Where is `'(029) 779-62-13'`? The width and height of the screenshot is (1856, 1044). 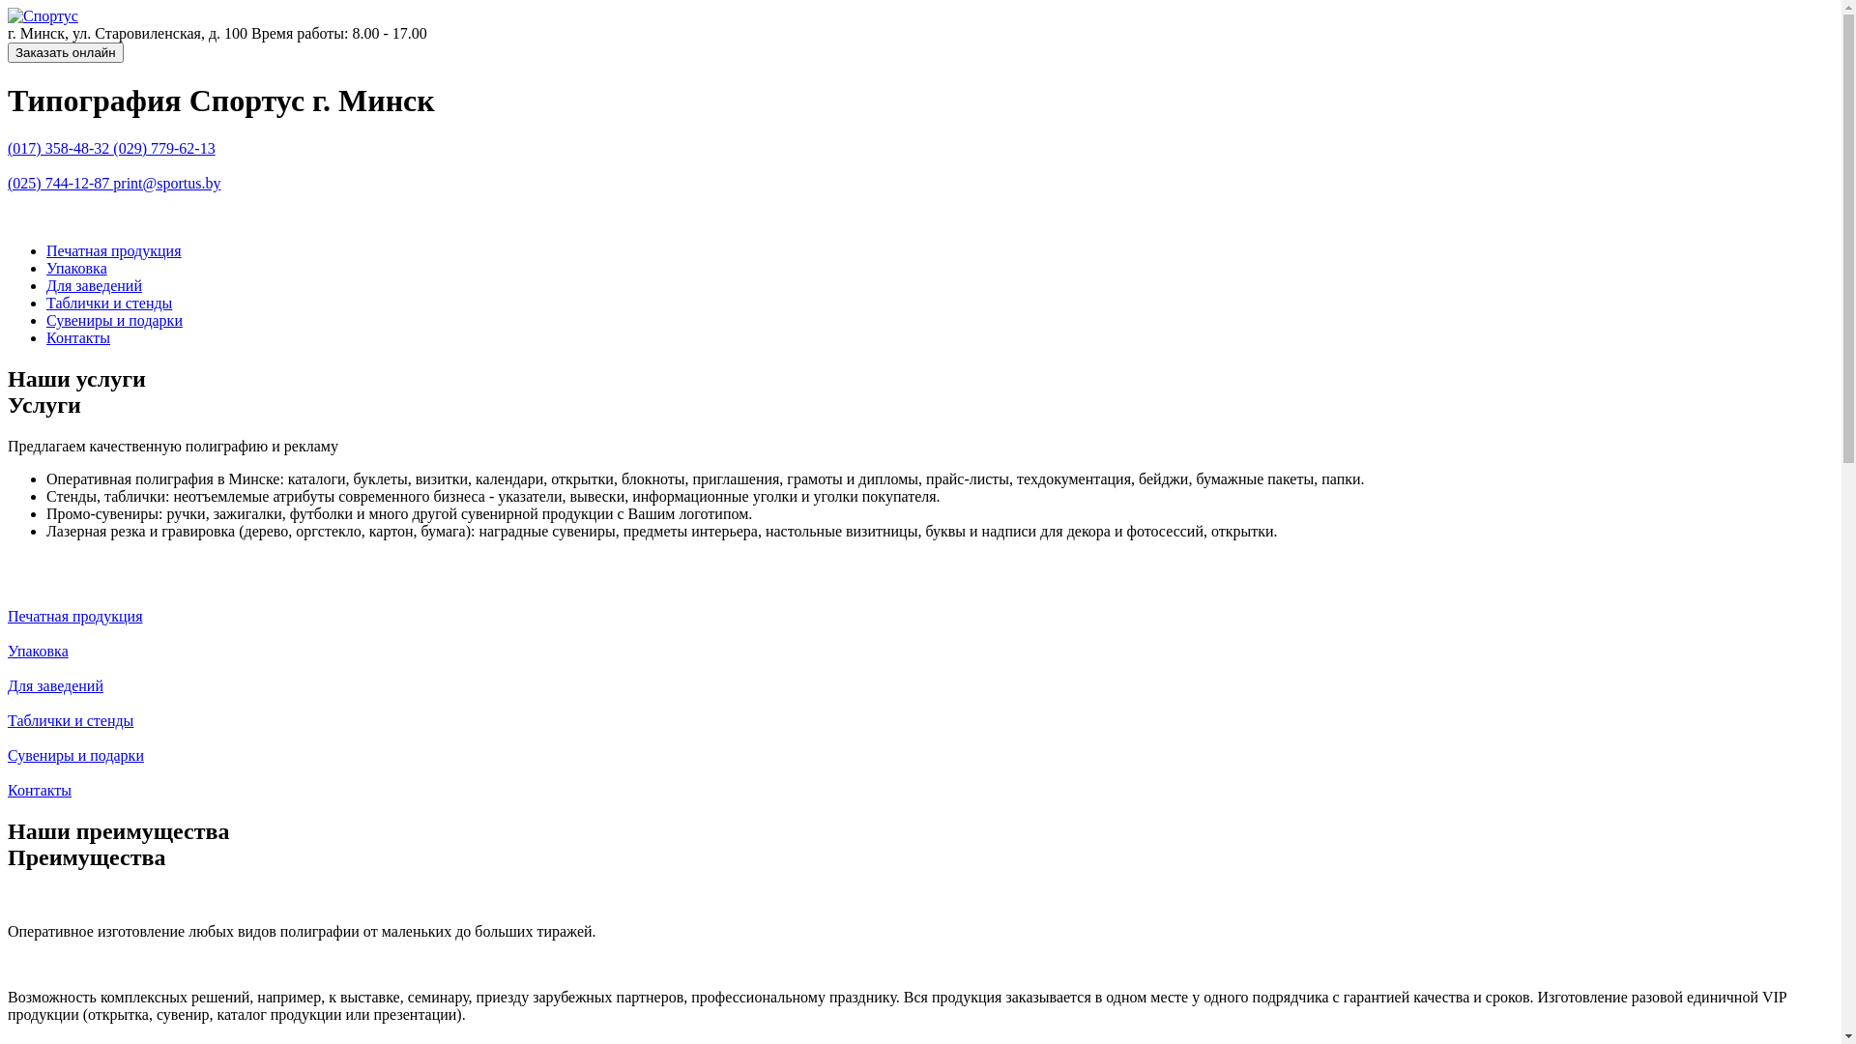 '(029) 779-62-13' is located at coordinates (111, 147).